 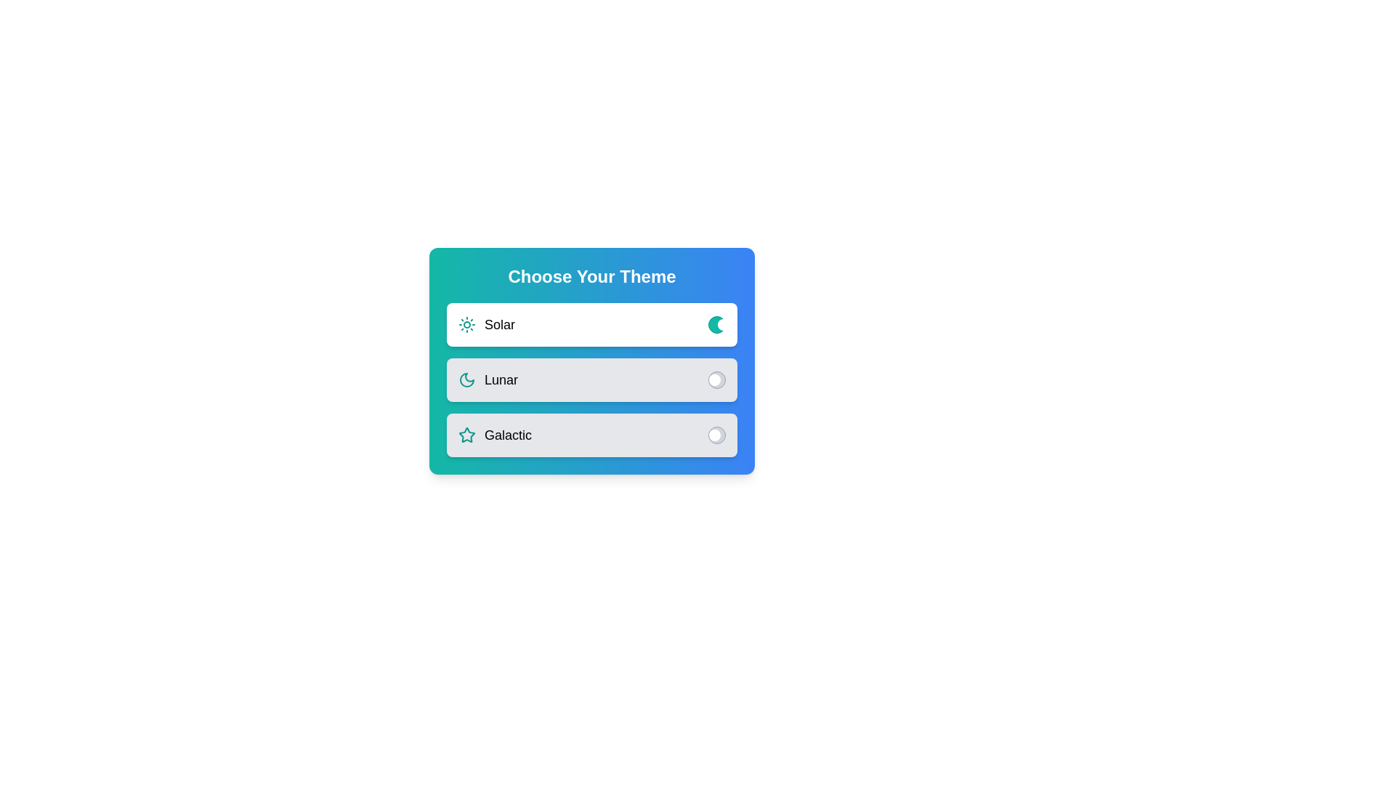 I want to click on the toggle button for the Lunar theme, so click(x=717, y=379).